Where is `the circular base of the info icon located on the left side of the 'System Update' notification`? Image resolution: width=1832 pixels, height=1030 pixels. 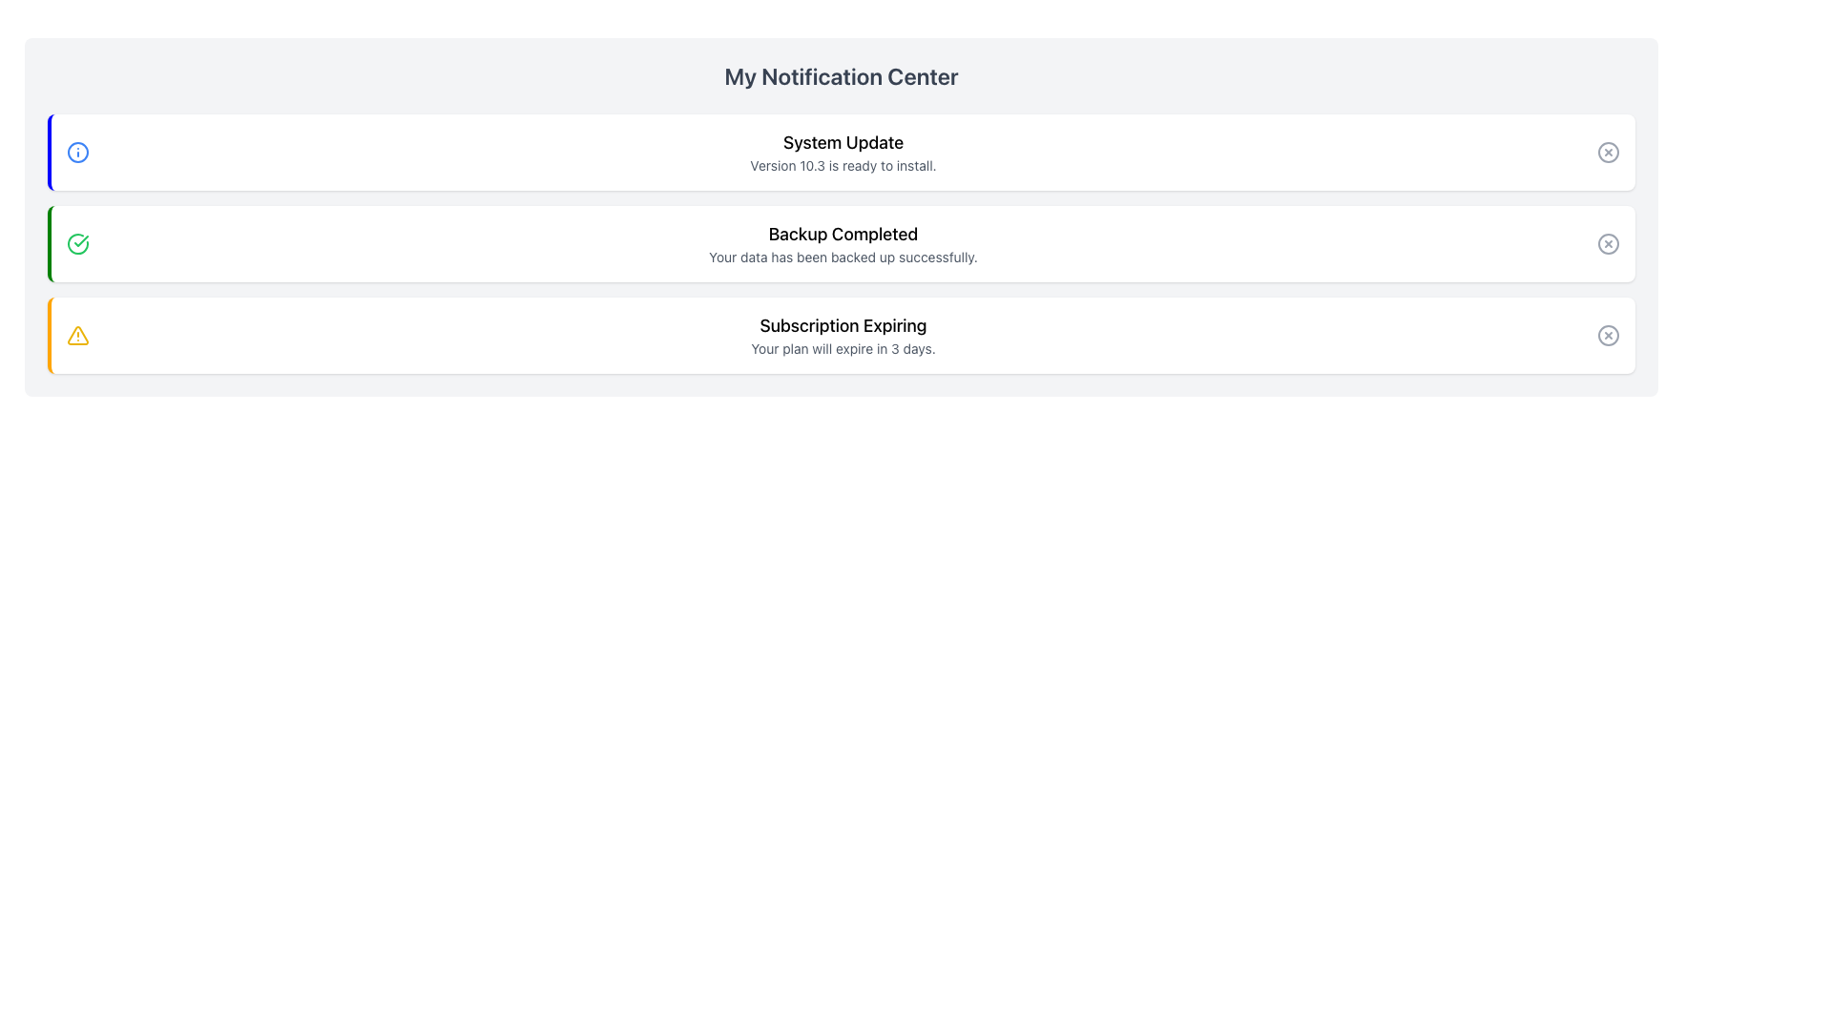 the circular base of the info icon located on the left side of the 'System Update' notification is located at coordinates (76, 151).